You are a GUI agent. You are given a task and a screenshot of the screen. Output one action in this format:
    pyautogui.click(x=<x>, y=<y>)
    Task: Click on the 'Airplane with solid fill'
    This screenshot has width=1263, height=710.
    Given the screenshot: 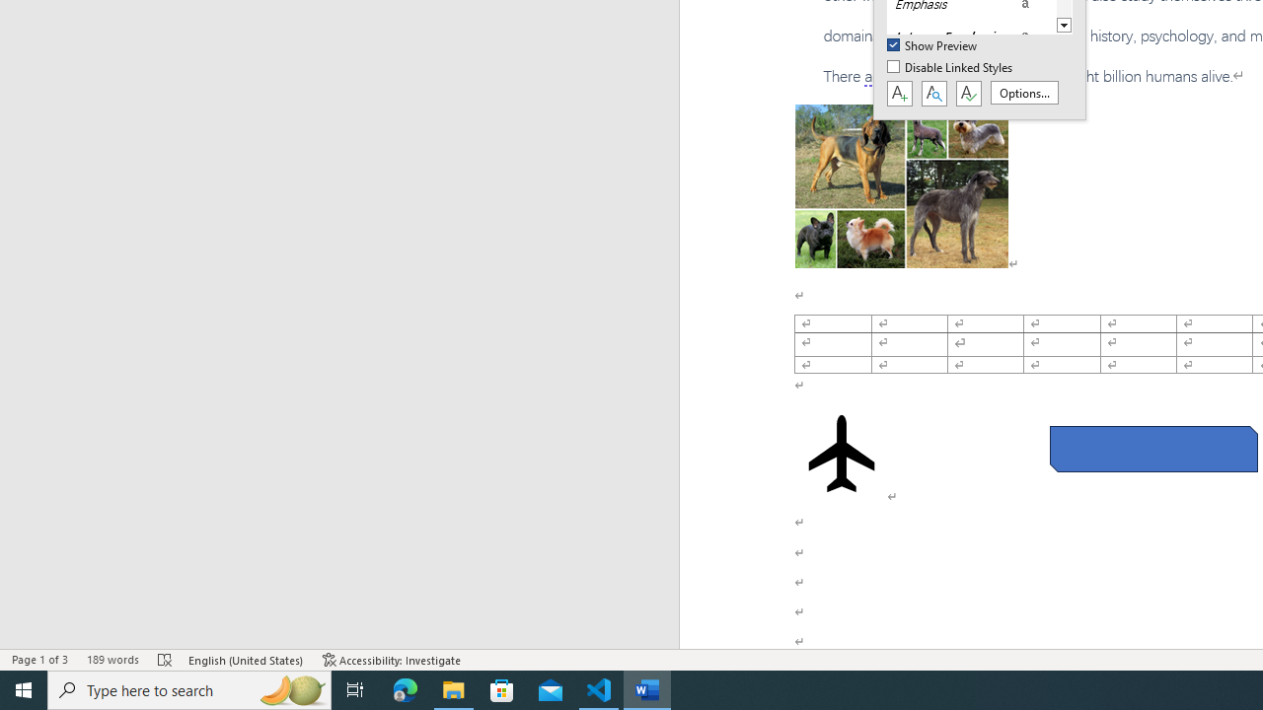 What is the action you would take?
    pyautogui.click(x=842, y=454)
    